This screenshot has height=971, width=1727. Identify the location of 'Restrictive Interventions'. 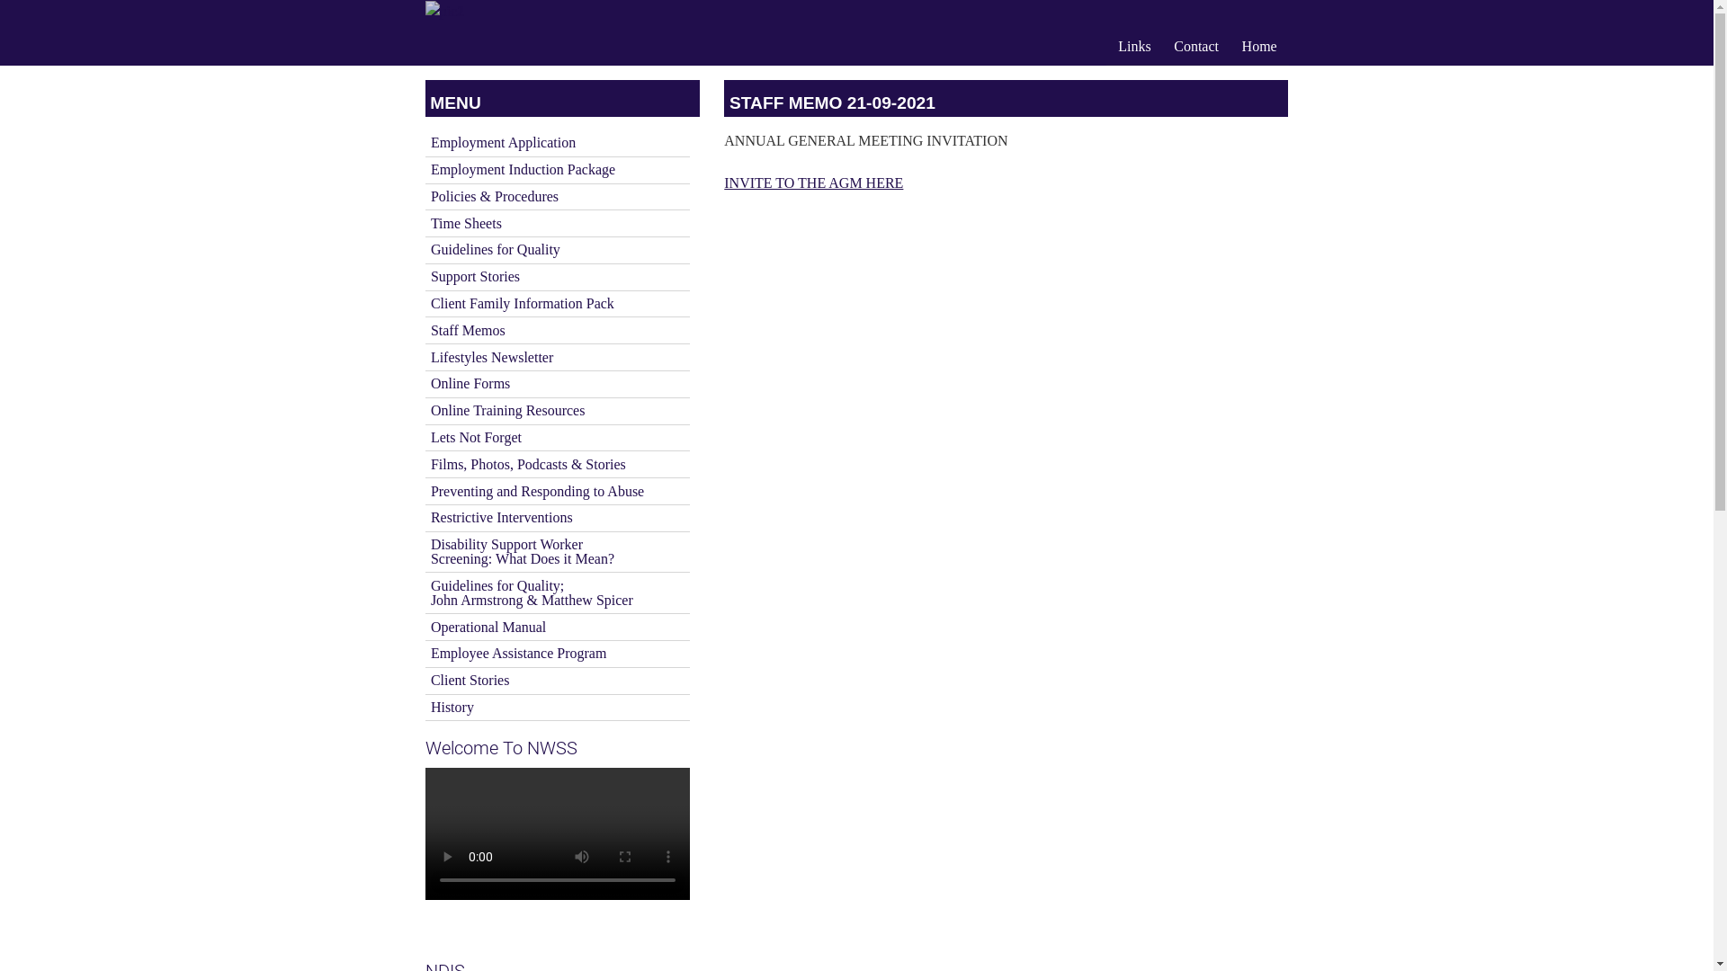
(556, 518).